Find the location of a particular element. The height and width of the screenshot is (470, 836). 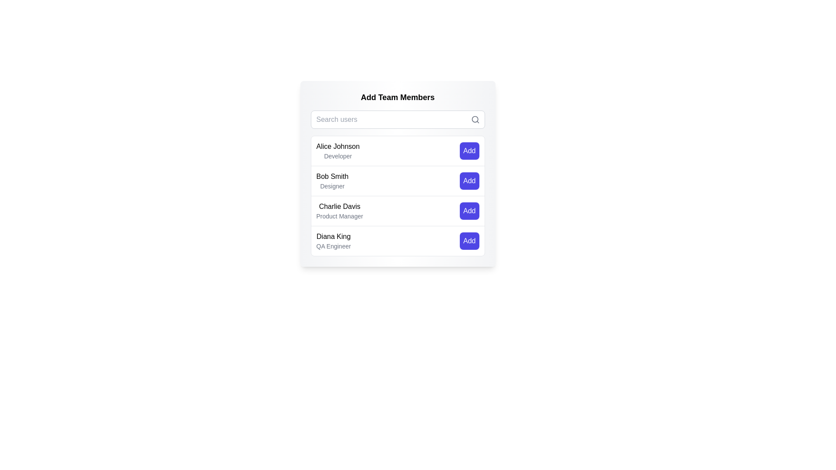

the 'Add' button with a blue background and white text located on the right side of the row for 'Diana King', triggering the add action is located at coordinates (469, 241).